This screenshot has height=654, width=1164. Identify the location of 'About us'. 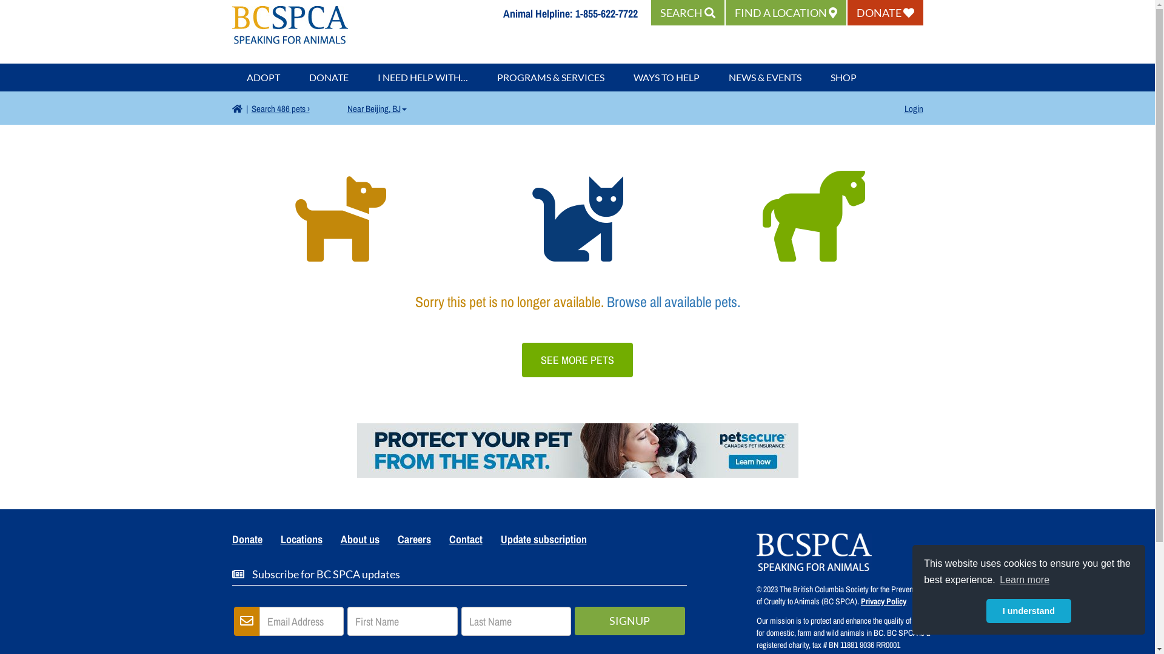
(359, 540).